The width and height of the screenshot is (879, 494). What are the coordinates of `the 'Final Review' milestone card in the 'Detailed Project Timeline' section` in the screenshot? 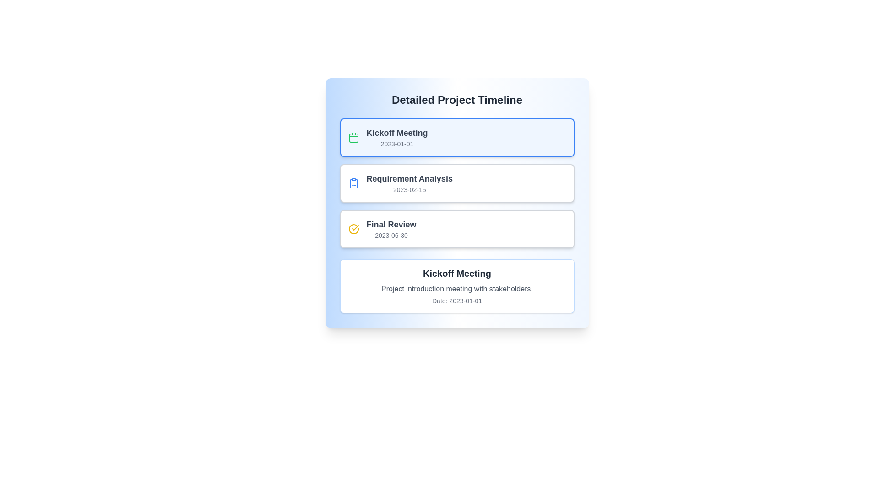 It's located at (457, 229).